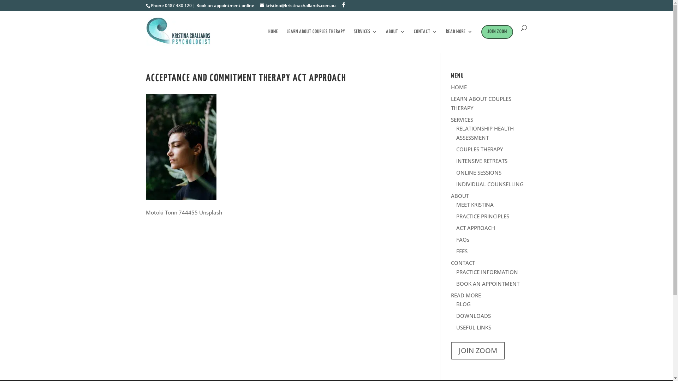  Describe the element at coordinates (459, 86) in the screenshot. I see `'HOME'` at that location.